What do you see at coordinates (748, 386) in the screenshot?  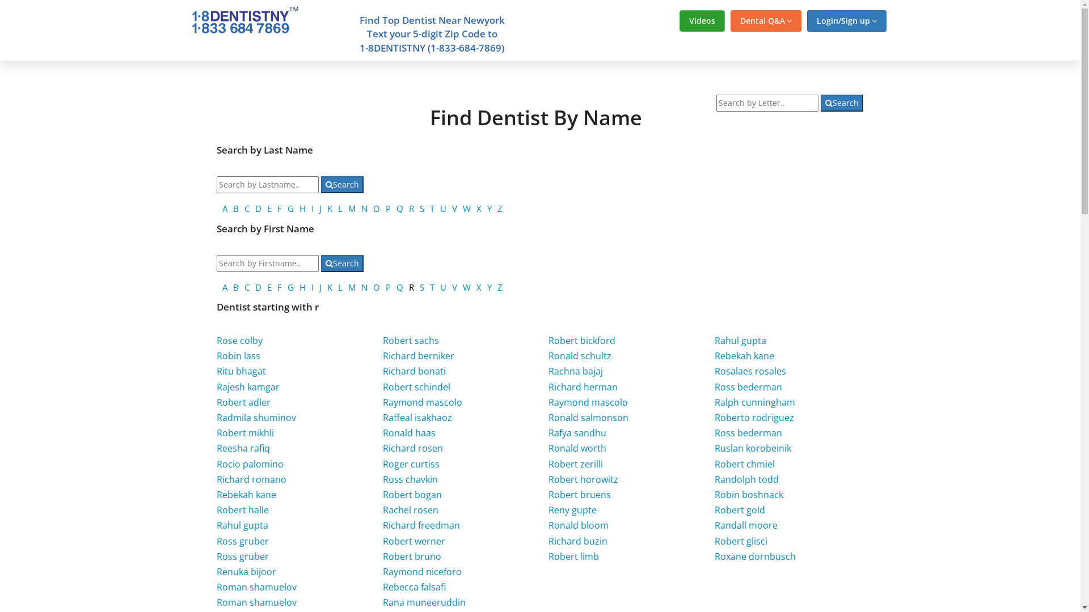 I see `'Ross bederman'` at bounding box center [748, 386].